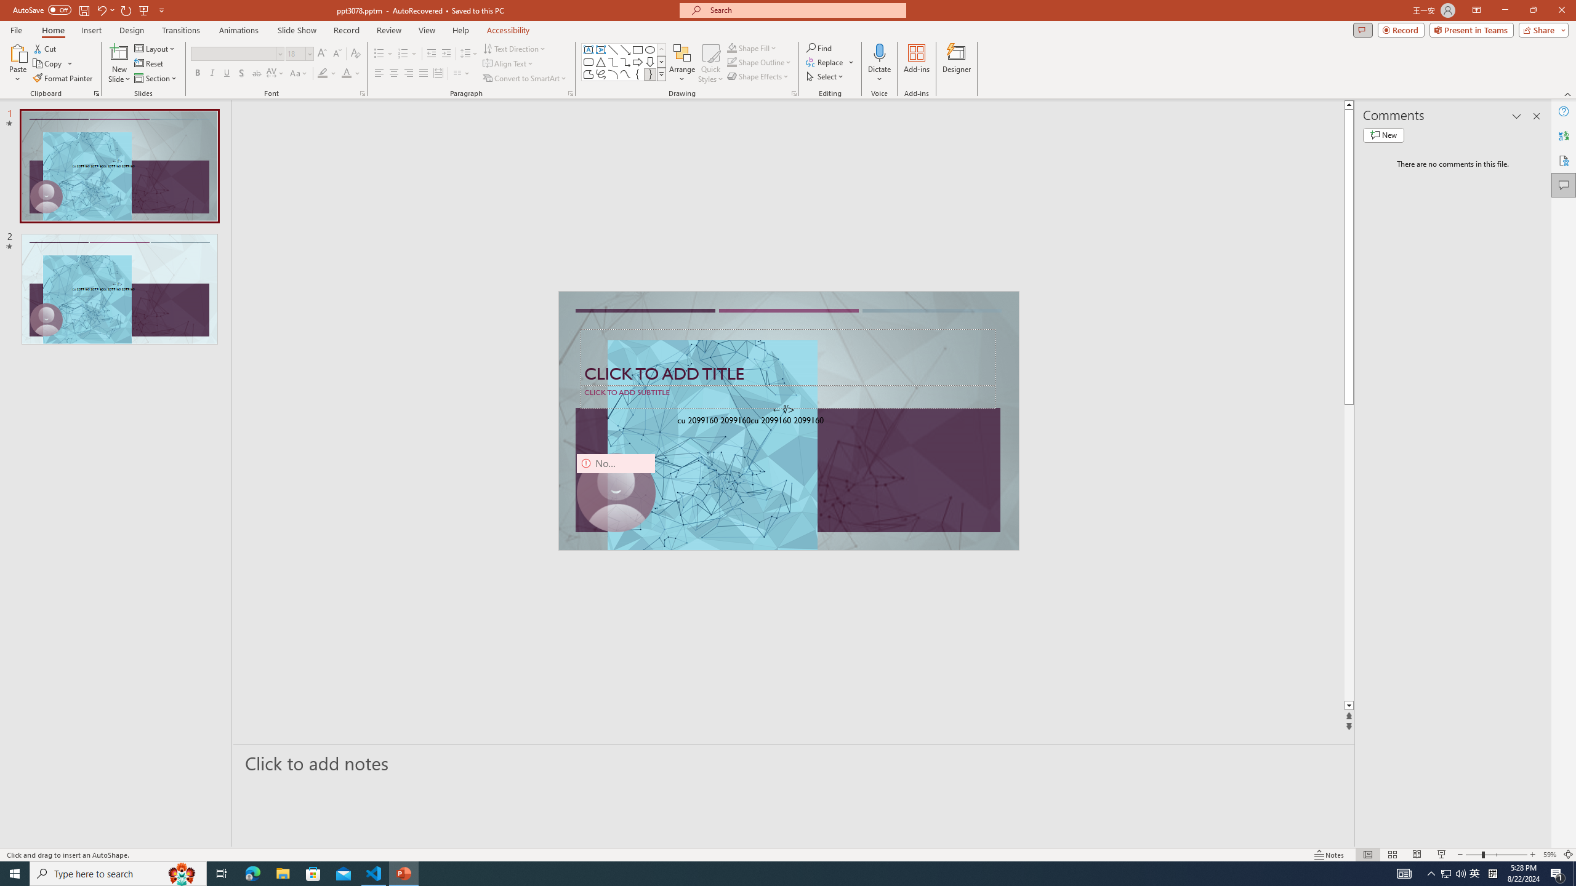 This screenshot has height=886, width=1576. I want to click on 'TextBox 61', so click(786, 421).